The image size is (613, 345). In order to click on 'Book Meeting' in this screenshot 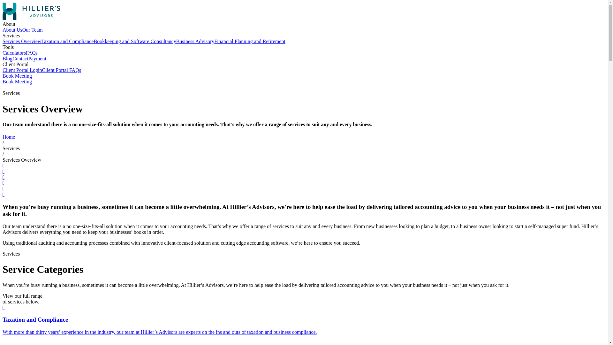, I will do `click(3, 75)`.